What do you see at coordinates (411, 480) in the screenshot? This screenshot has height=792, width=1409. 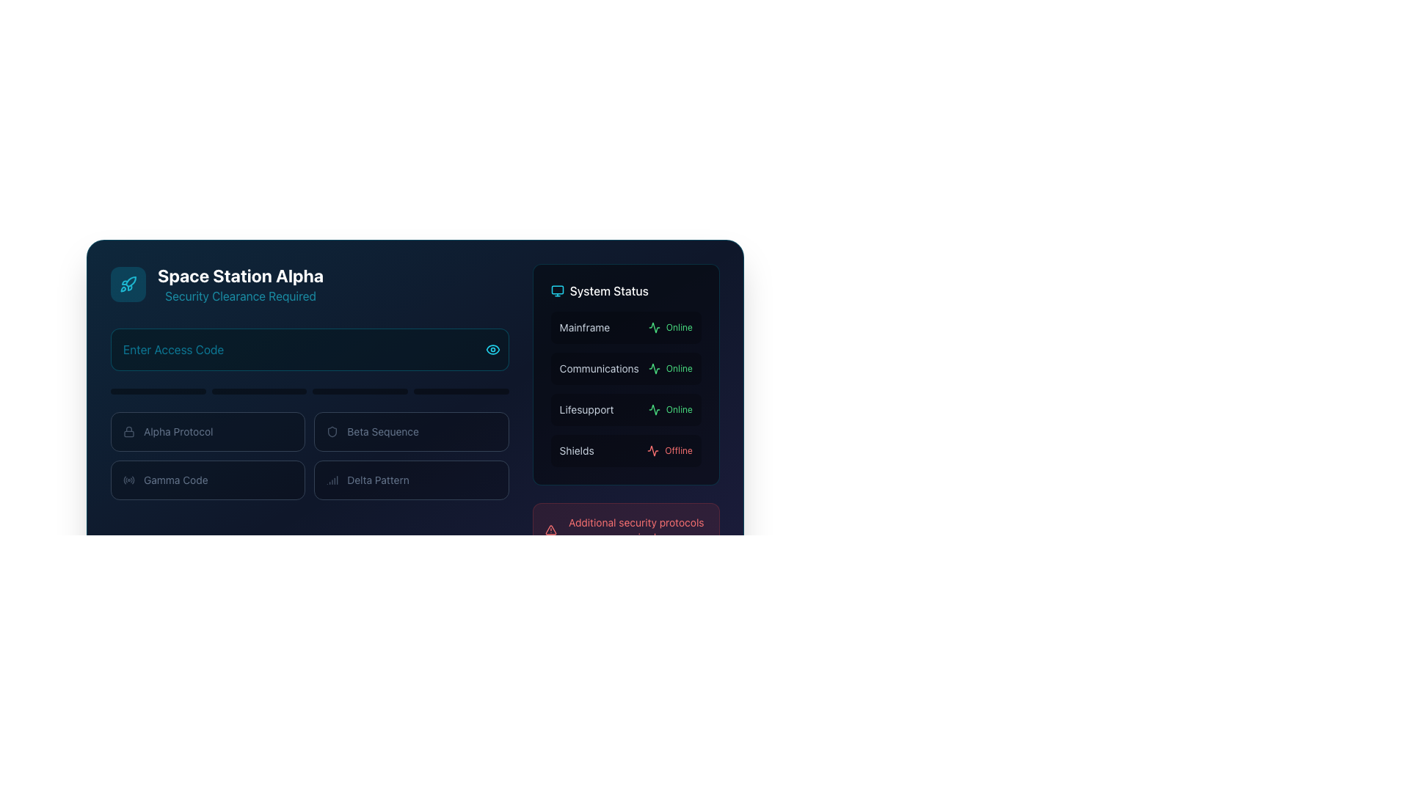 I see `the interactive card or selector for 'Delta Pattern' located in the lower-right corner of the 2x2 grid layout under the title 'Space Station Alpha'` at bounding box center [411, 480].